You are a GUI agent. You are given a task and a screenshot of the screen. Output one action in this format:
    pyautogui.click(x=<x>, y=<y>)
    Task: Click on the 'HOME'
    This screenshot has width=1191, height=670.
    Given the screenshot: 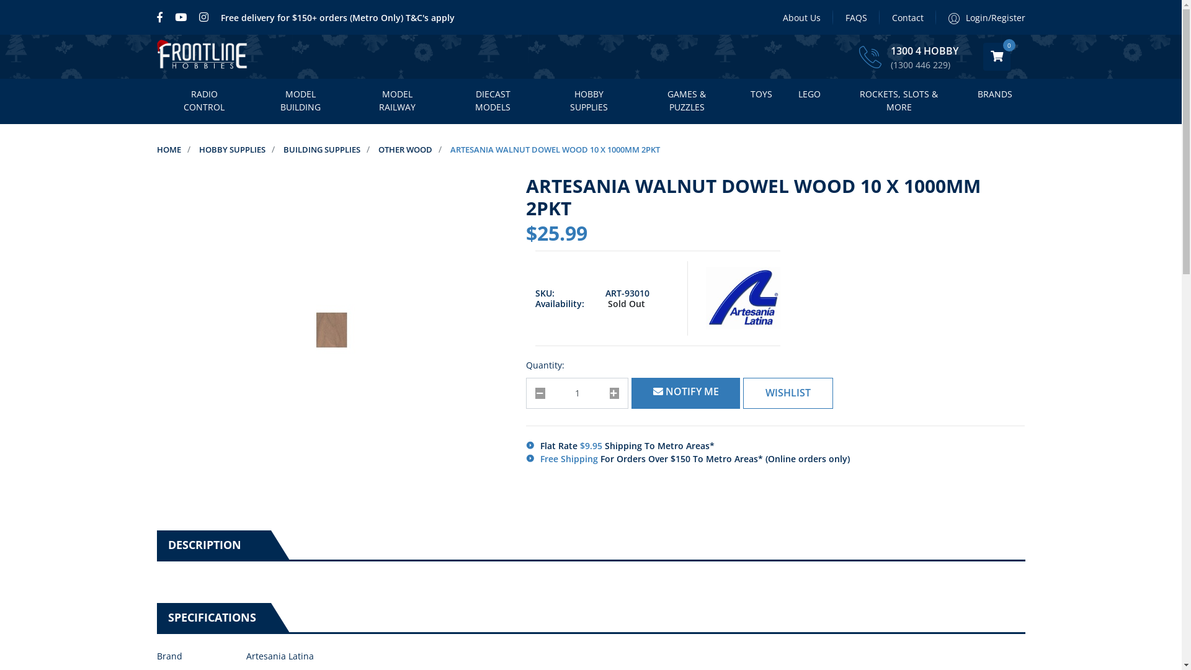 What is the action you would take?
    pyautogui.click(x=167, y=148)
    